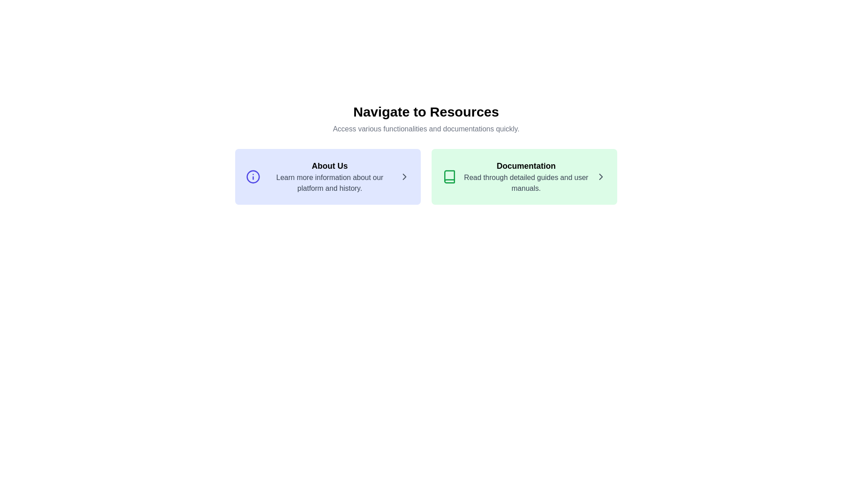  I want to click on the 'Documentation' text label that is styled in black, bold font and located at the top center of a green-bordered rectangular section, so click(526, 166).